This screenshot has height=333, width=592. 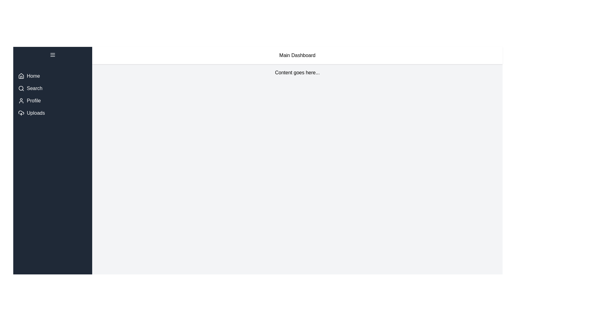 What do you see at coordinates (53, 56) in the screenshot?
I see `the menu toggle button located at the top-left corner of the sidebar, which is positioned above the navigation items such as 'Home', 'Search', etc` at bounding box center [53, 56].